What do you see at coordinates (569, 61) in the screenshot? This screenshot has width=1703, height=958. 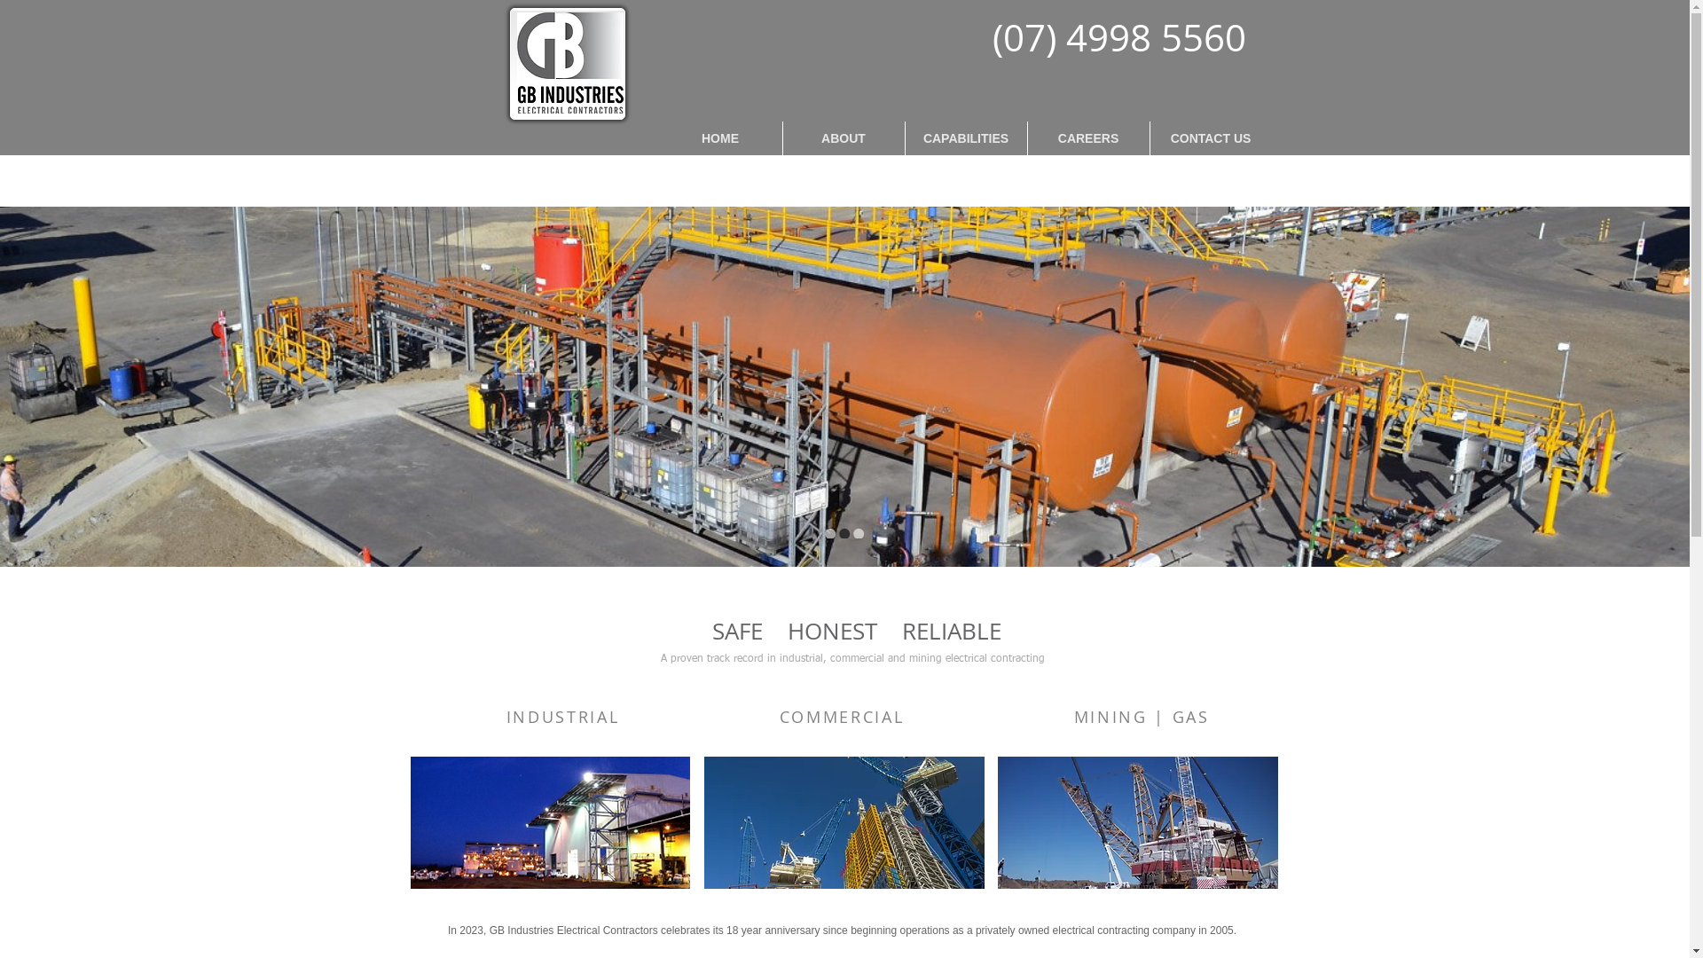 I see `'GB Industries logo.jpg'` at bounding box center [569, 61].